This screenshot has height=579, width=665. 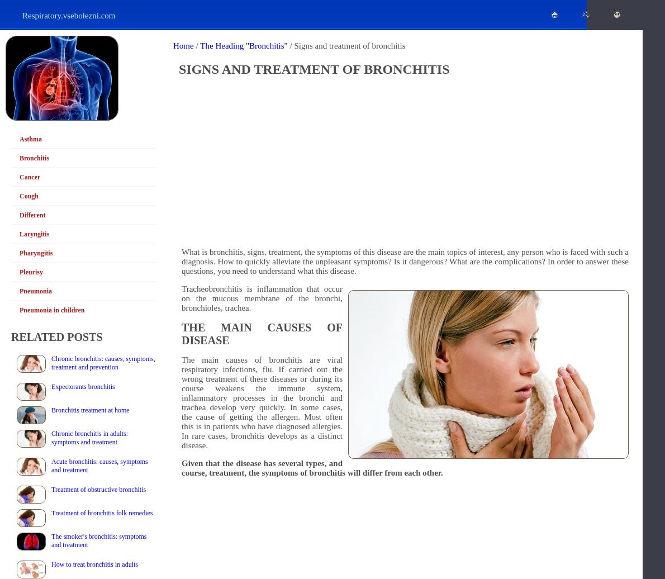 What do you see at coordinates (98, 540) in the screenshot?
I see `'The smoker's bronchitis: symptoms and treatment'` at bounding box center [98, 540].